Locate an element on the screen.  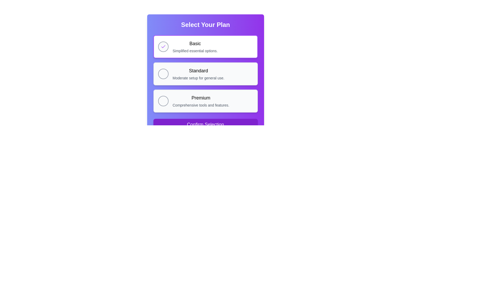
the topmost selectable option card in the vertical selection group, which is positioned above the 'Standard' and 'Premium' options is located at coordinates (205, 46).